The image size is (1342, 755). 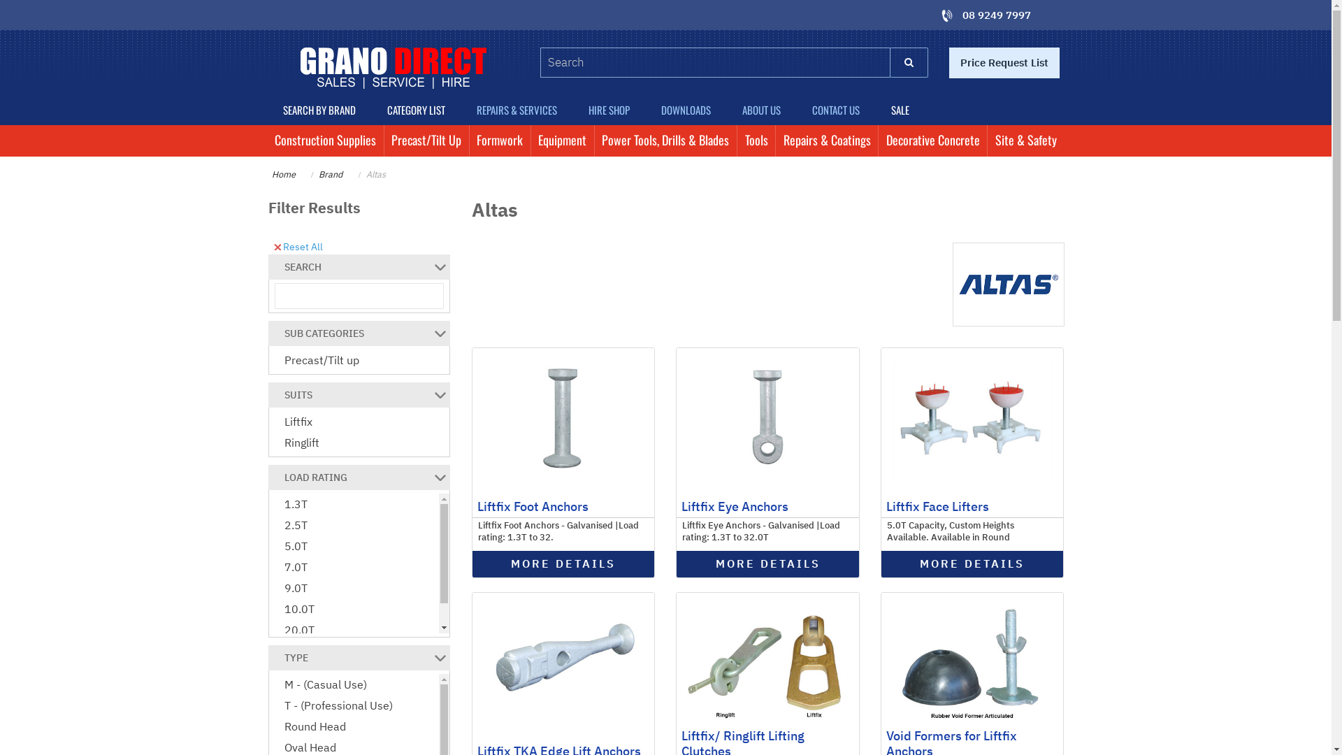 What do you see at coordinates (1003, 62) in the screenshot?
I see `'Price Request List'` at bounding box center [1003, 62].